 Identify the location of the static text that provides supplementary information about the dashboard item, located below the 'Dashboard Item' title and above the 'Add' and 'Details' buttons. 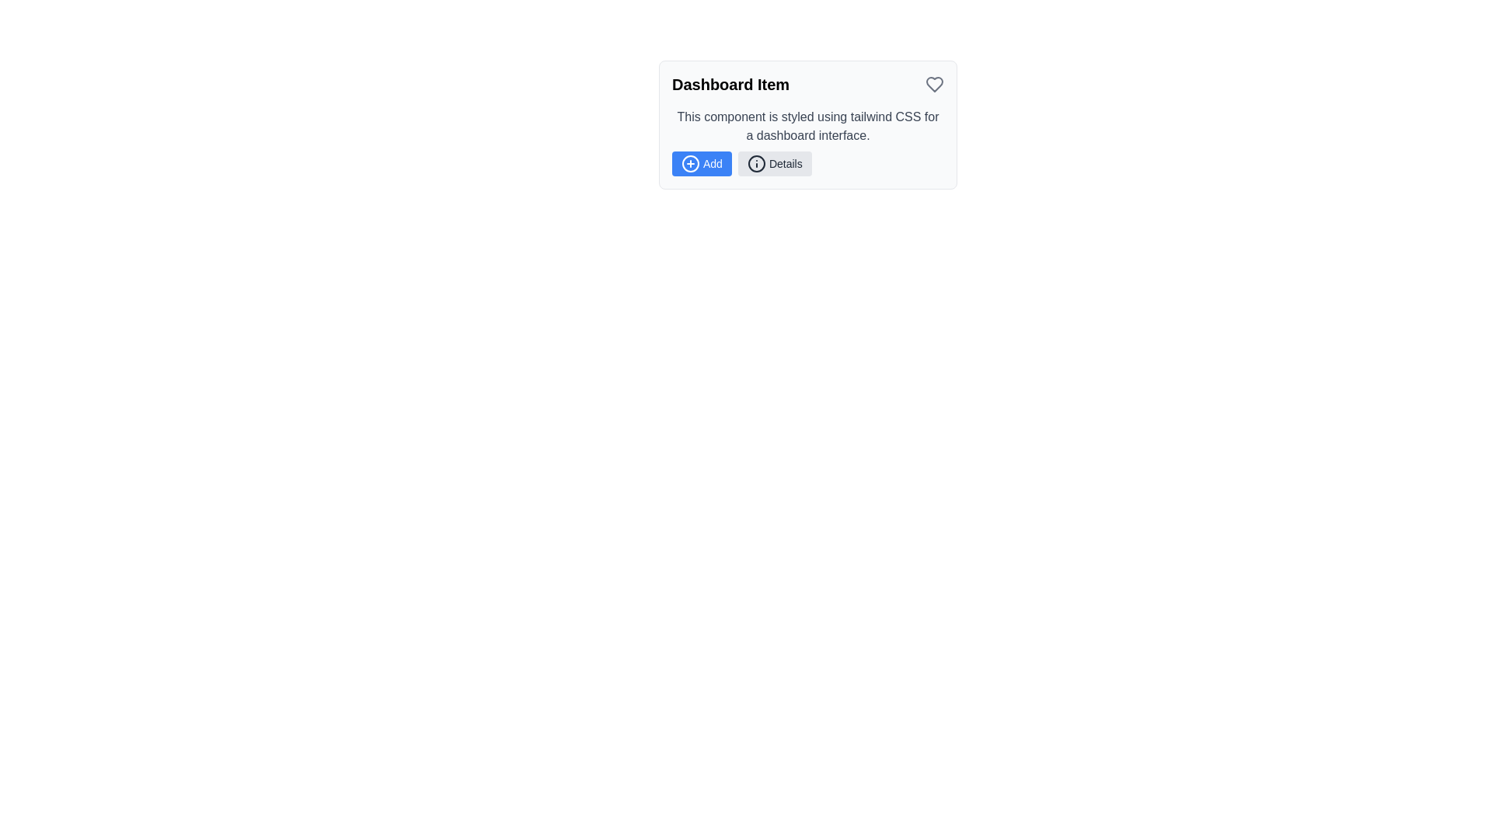
(808, 125).